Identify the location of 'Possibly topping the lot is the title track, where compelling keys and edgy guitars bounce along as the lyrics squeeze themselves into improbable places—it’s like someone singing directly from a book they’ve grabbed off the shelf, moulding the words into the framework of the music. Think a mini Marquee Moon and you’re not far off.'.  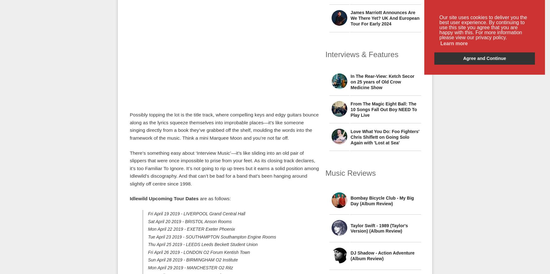
(224, 126).